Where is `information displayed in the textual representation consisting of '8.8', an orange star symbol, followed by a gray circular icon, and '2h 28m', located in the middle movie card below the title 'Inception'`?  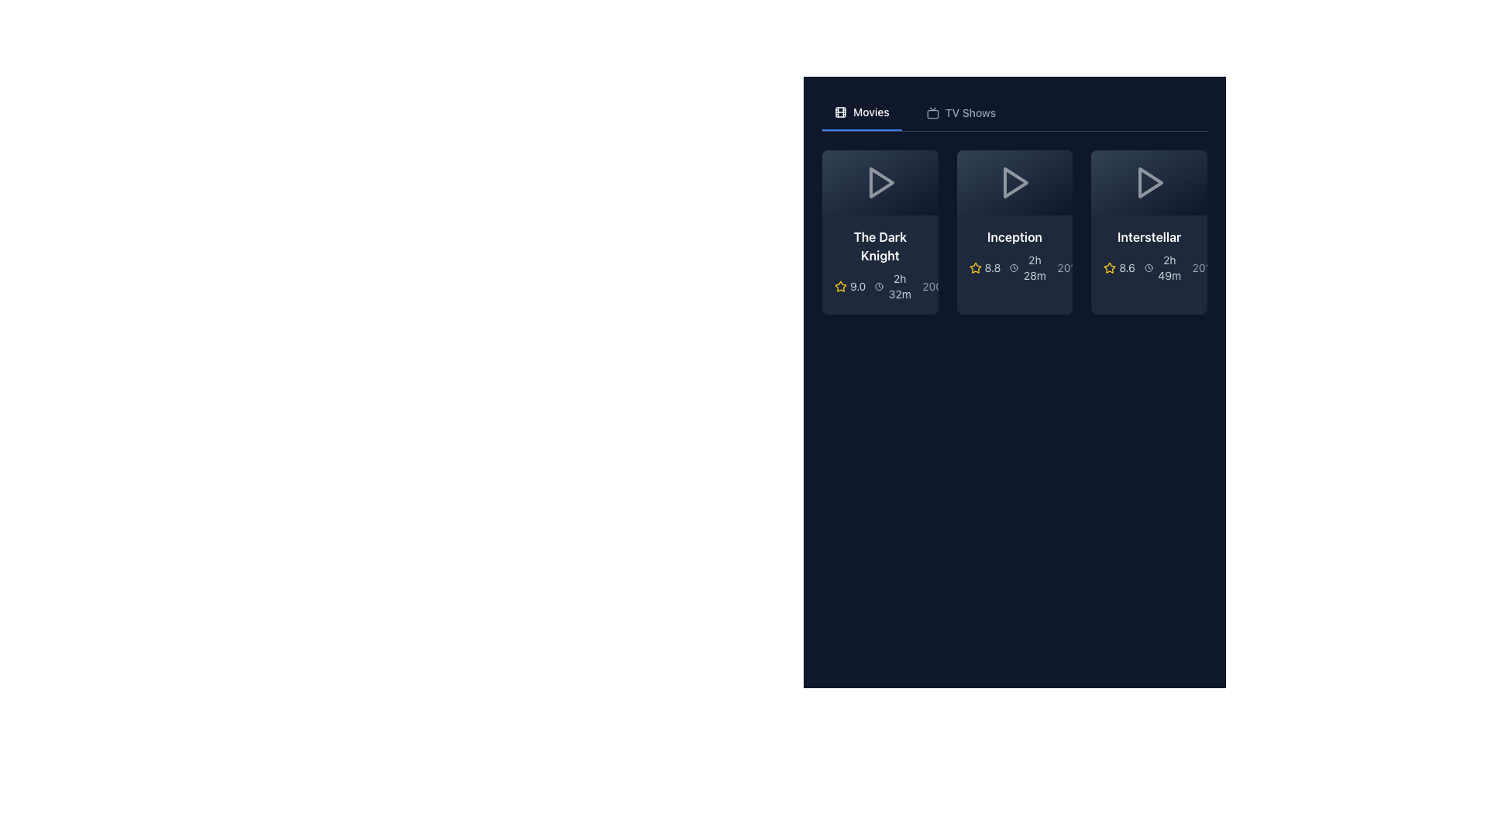
information displayed in the textual representation consisting of '8.8', an orange star symbol, followed by a gray circular icon, and '2h 28m', located in the middle movie card below the title 'Inception' is located at coordinates (1014, 267).